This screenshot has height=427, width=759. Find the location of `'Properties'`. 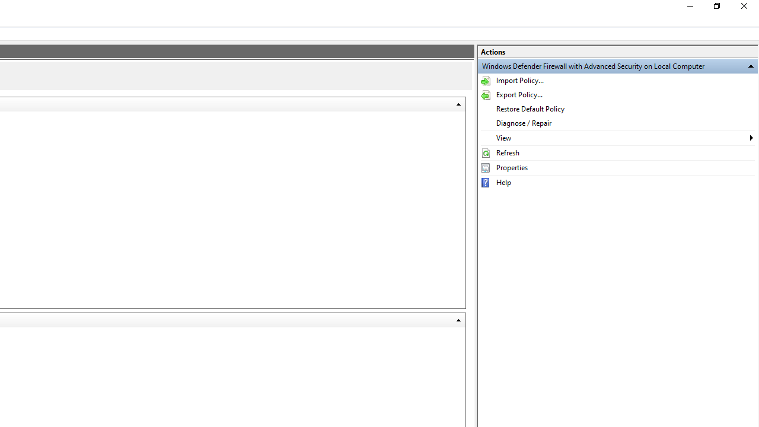

'Properties' is located at coordinates (617, 167).